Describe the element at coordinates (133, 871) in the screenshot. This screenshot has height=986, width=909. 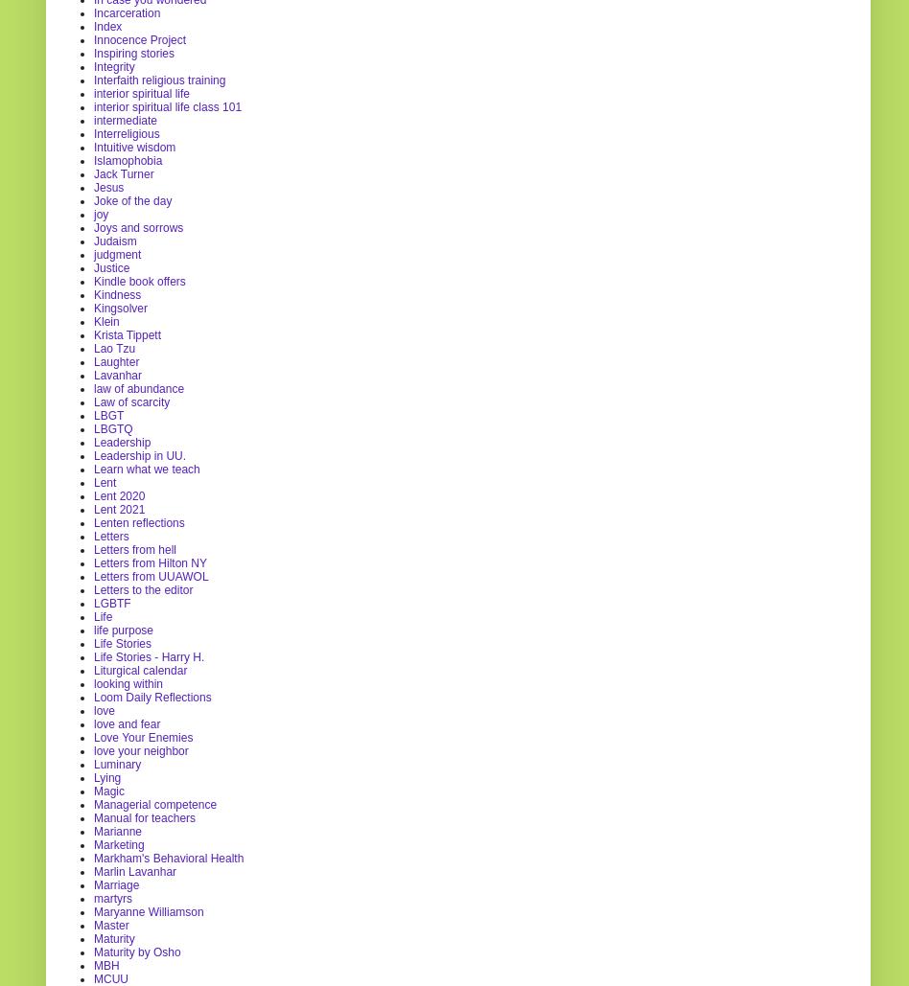
I see `'Marlin Lavanhar'` at that location.